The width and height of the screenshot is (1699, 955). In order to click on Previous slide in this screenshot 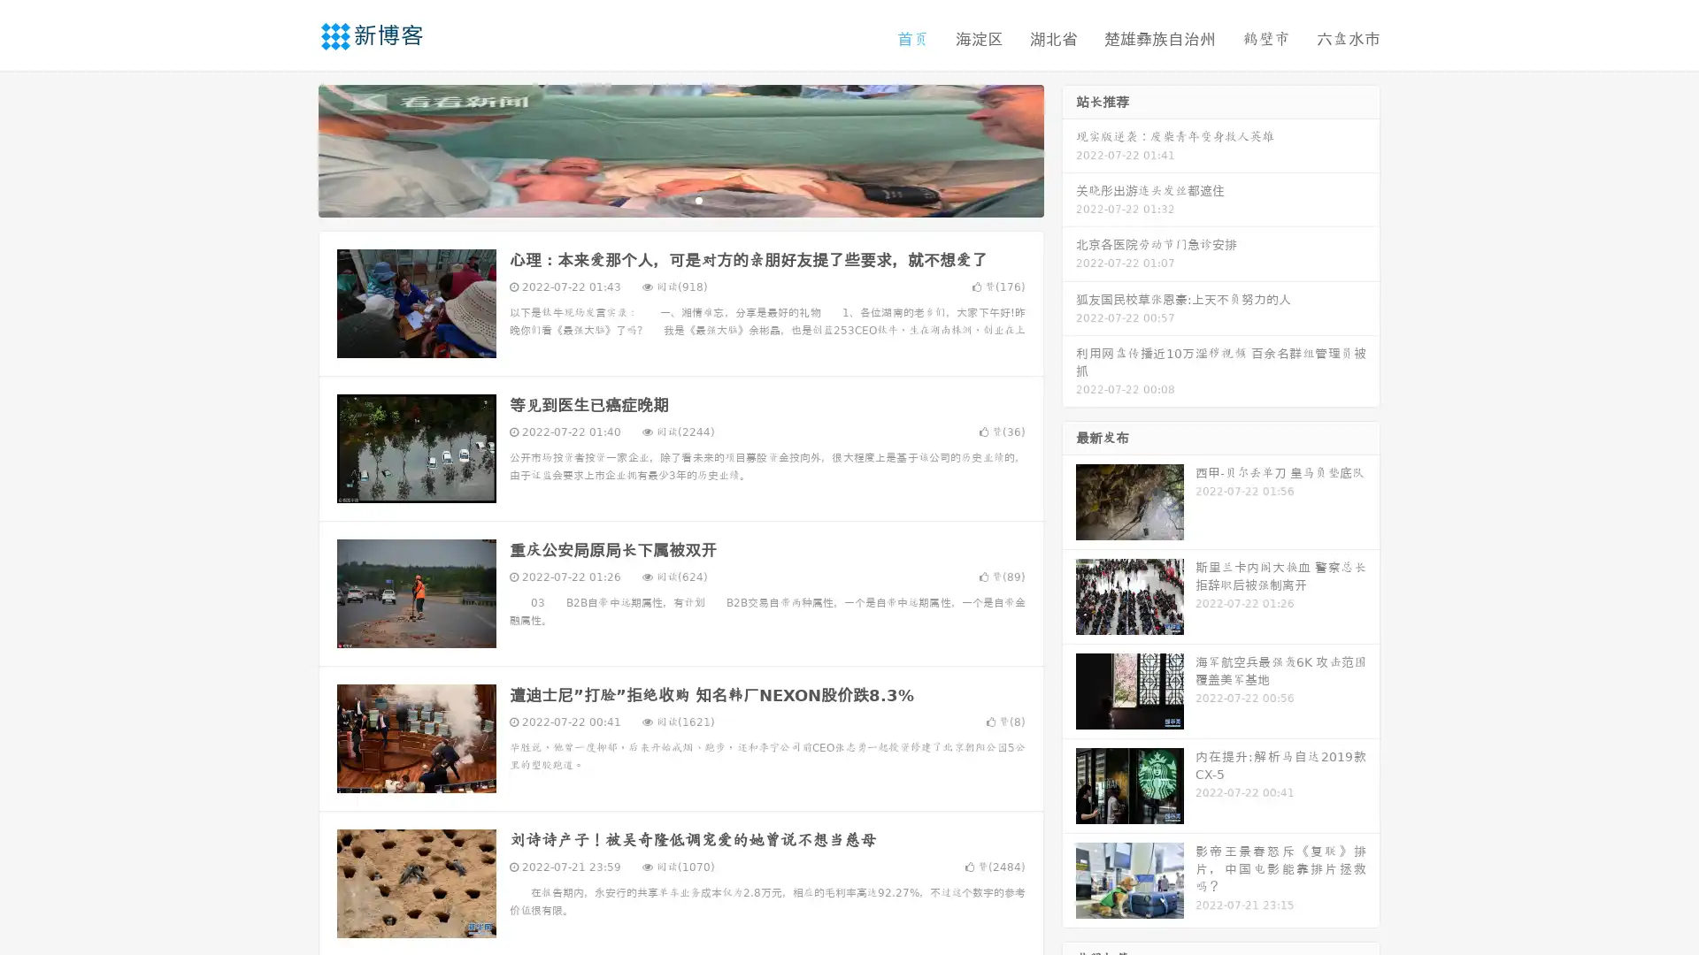, I will do `click(292, 149)`.